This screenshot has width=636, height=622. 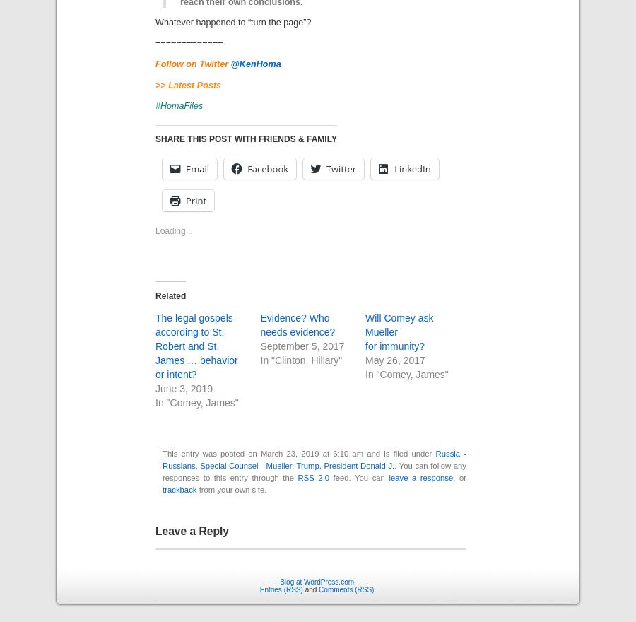 I want to click on 'This entry was posted on March 23, 2019 at 6:10 am and is filed under', so click(x=299, y=452).